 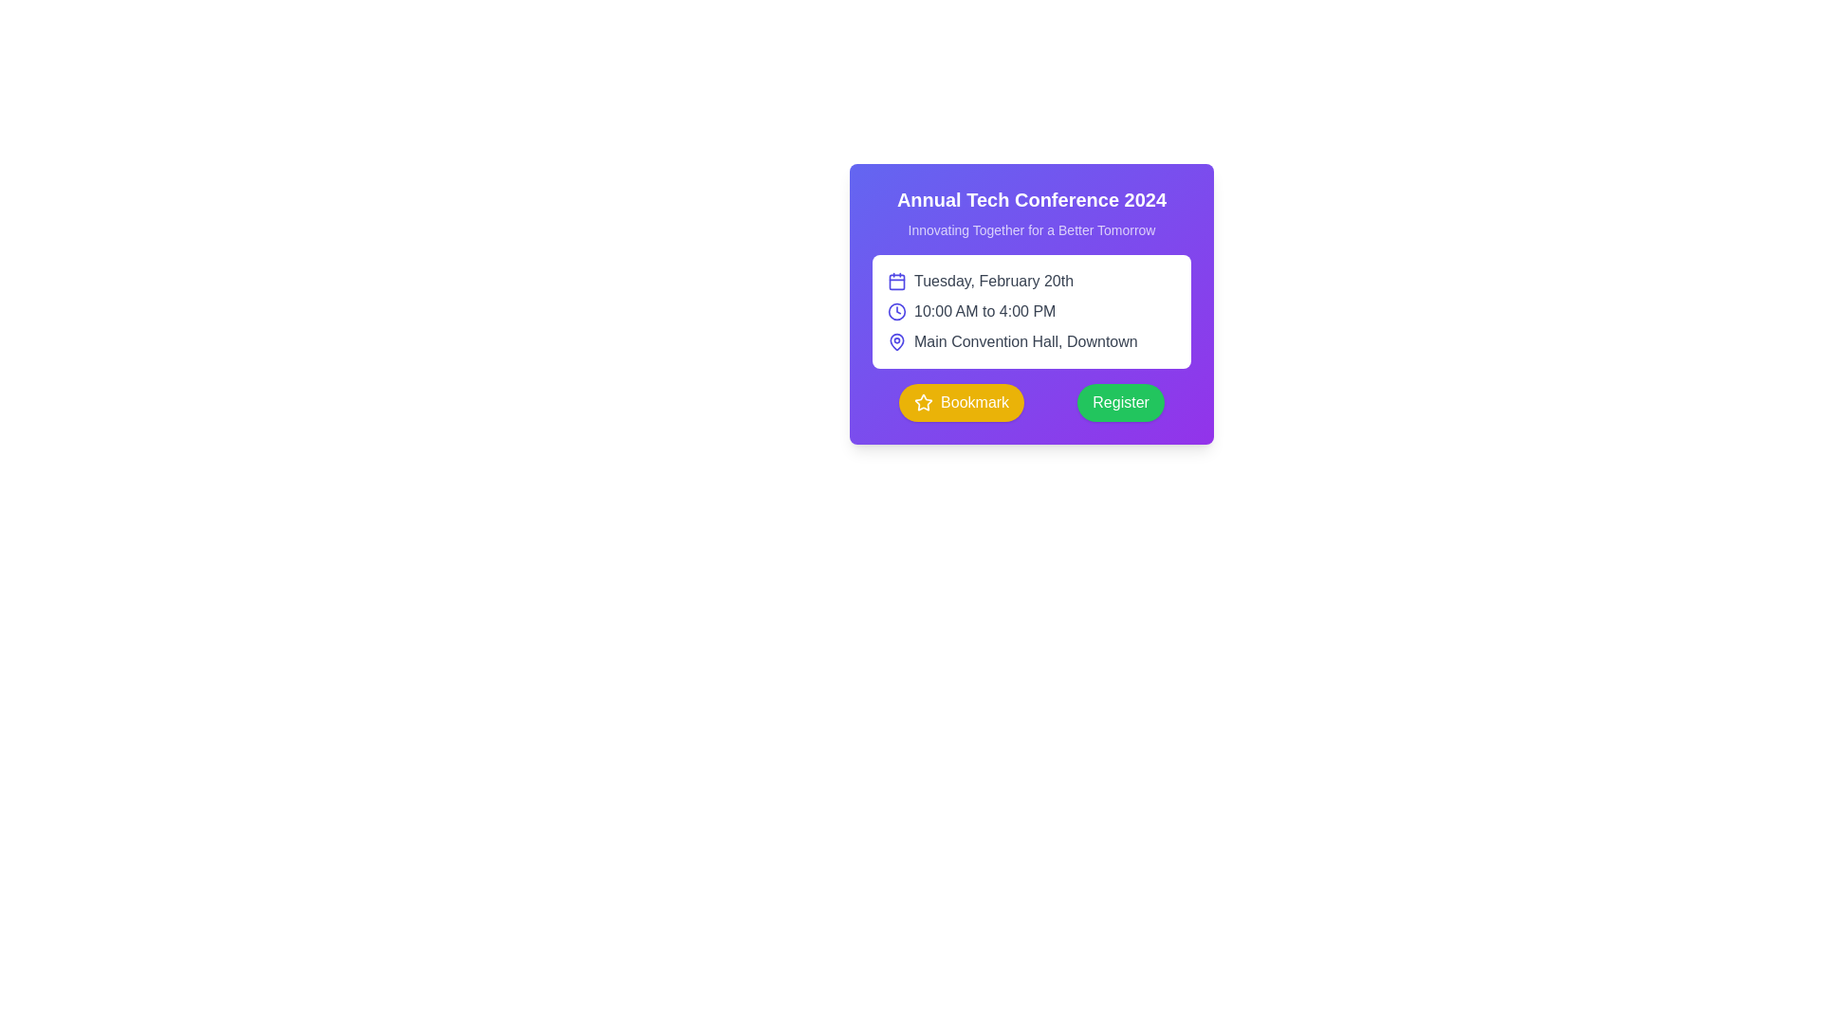 I want to click on the circular clock icon located to the left of the '10:00 AM to 4:00 PM' label, so click(x=895, y=310).